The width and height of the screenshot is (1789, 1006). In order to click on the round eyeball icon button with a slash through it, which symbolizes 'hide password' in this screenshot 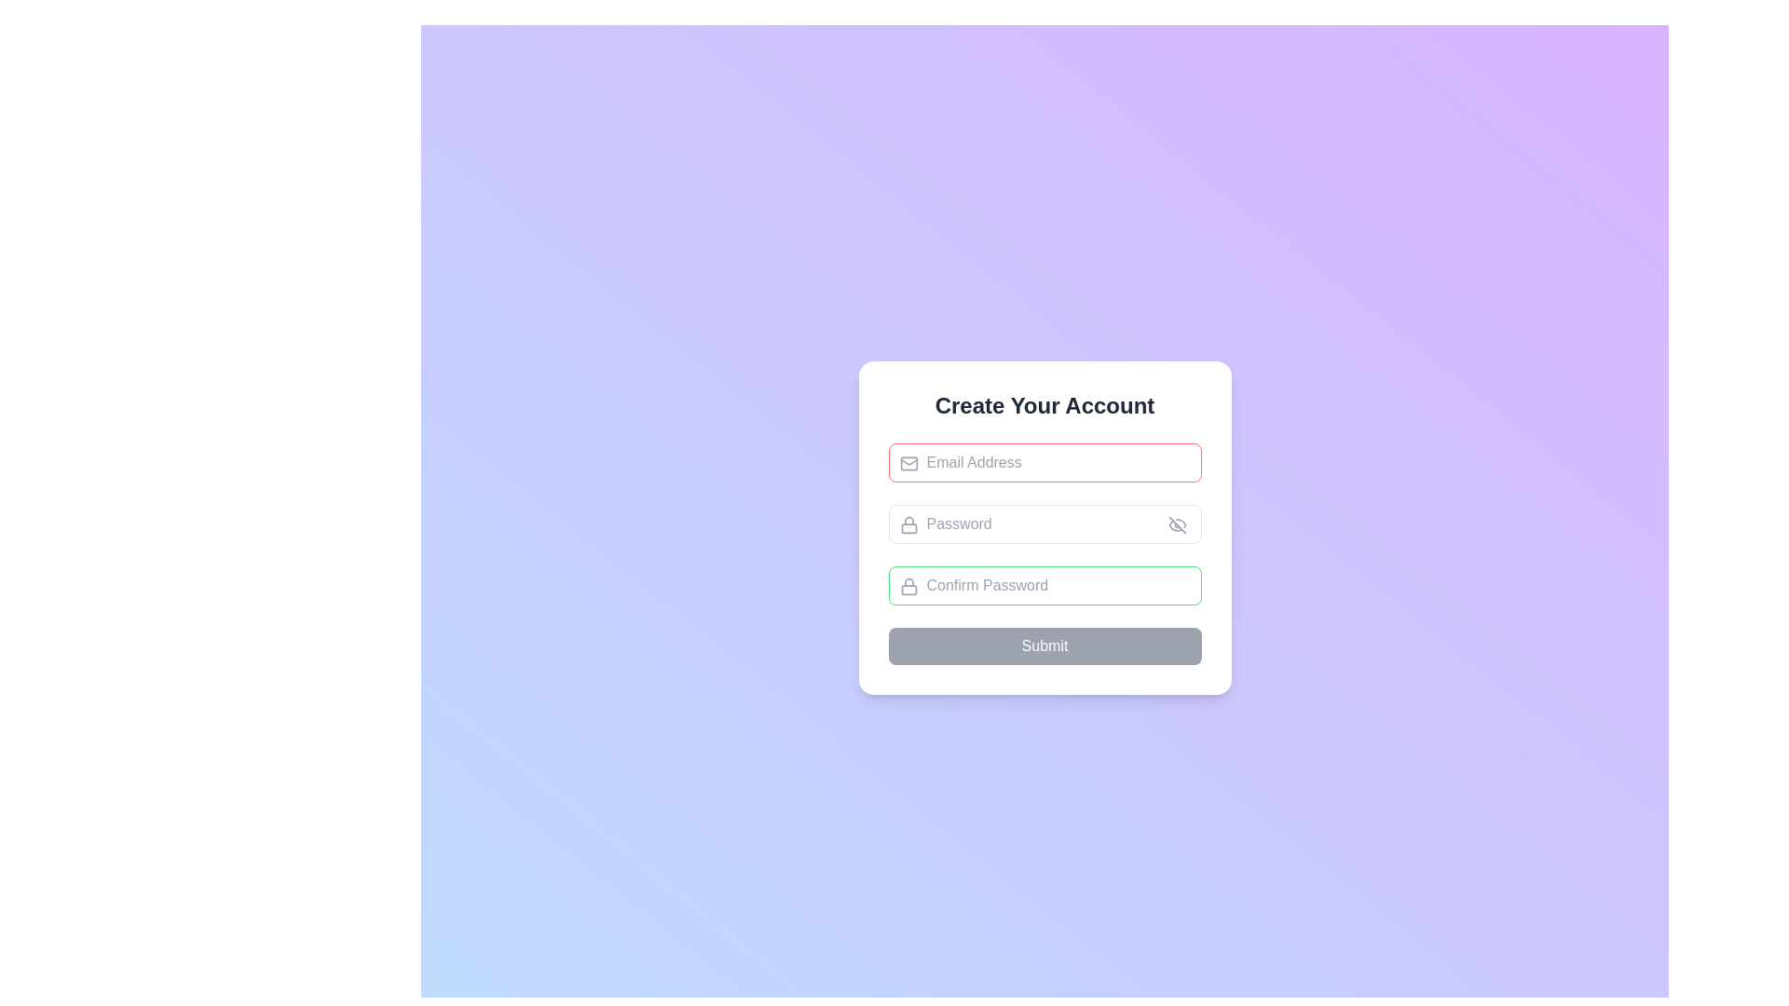, I will do `click(1176, 524)`.